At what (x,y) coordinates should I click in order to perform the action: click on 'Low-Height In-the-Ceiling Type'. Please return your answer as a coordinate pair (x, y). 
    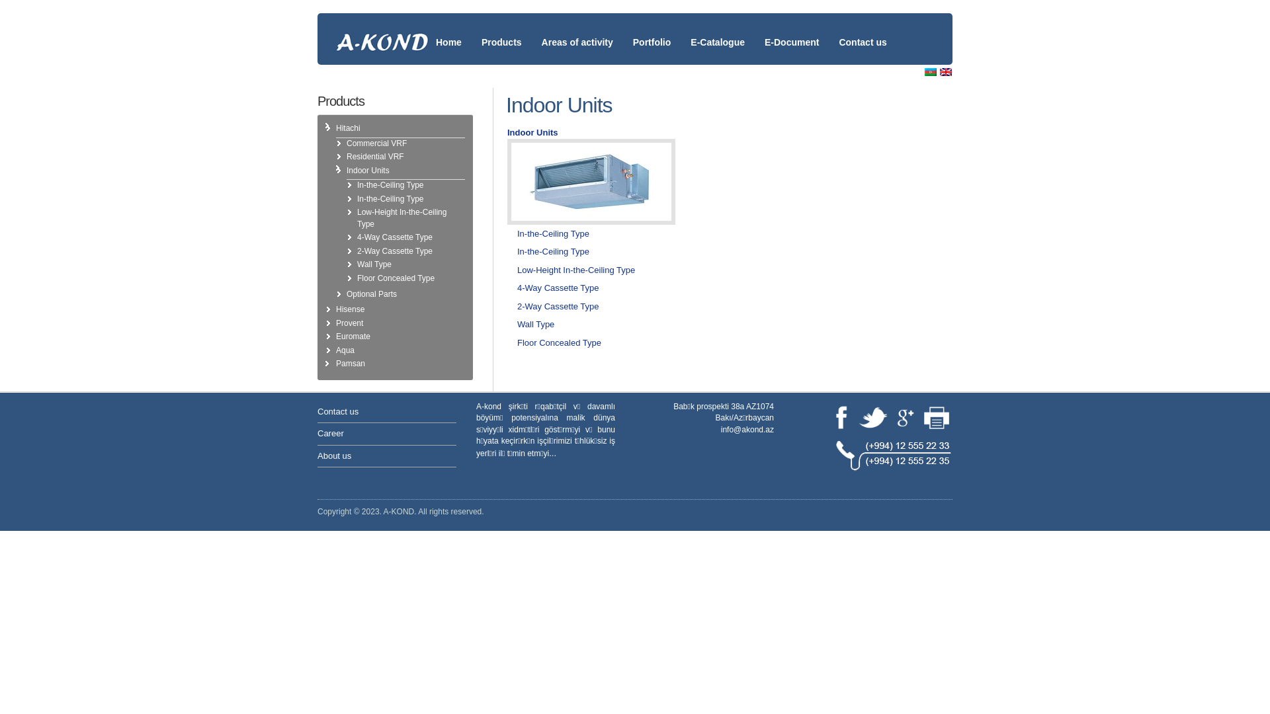
    Looking at the image, I should click on (401, 218).